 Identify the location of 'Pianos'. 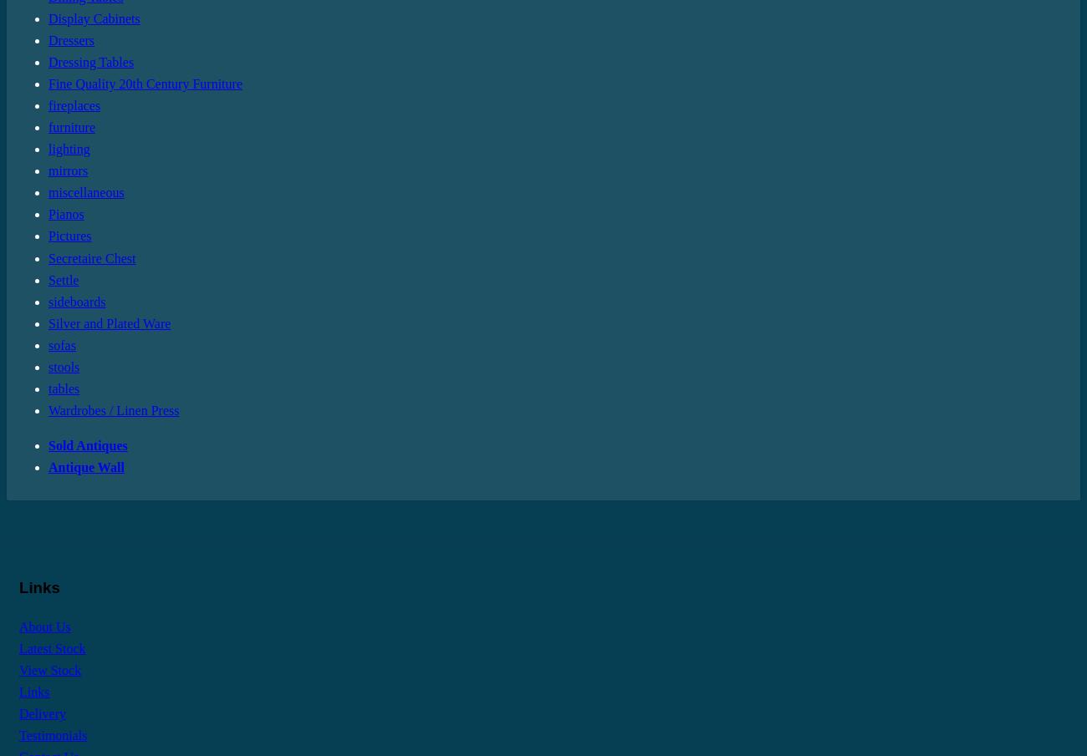
(48, 214).